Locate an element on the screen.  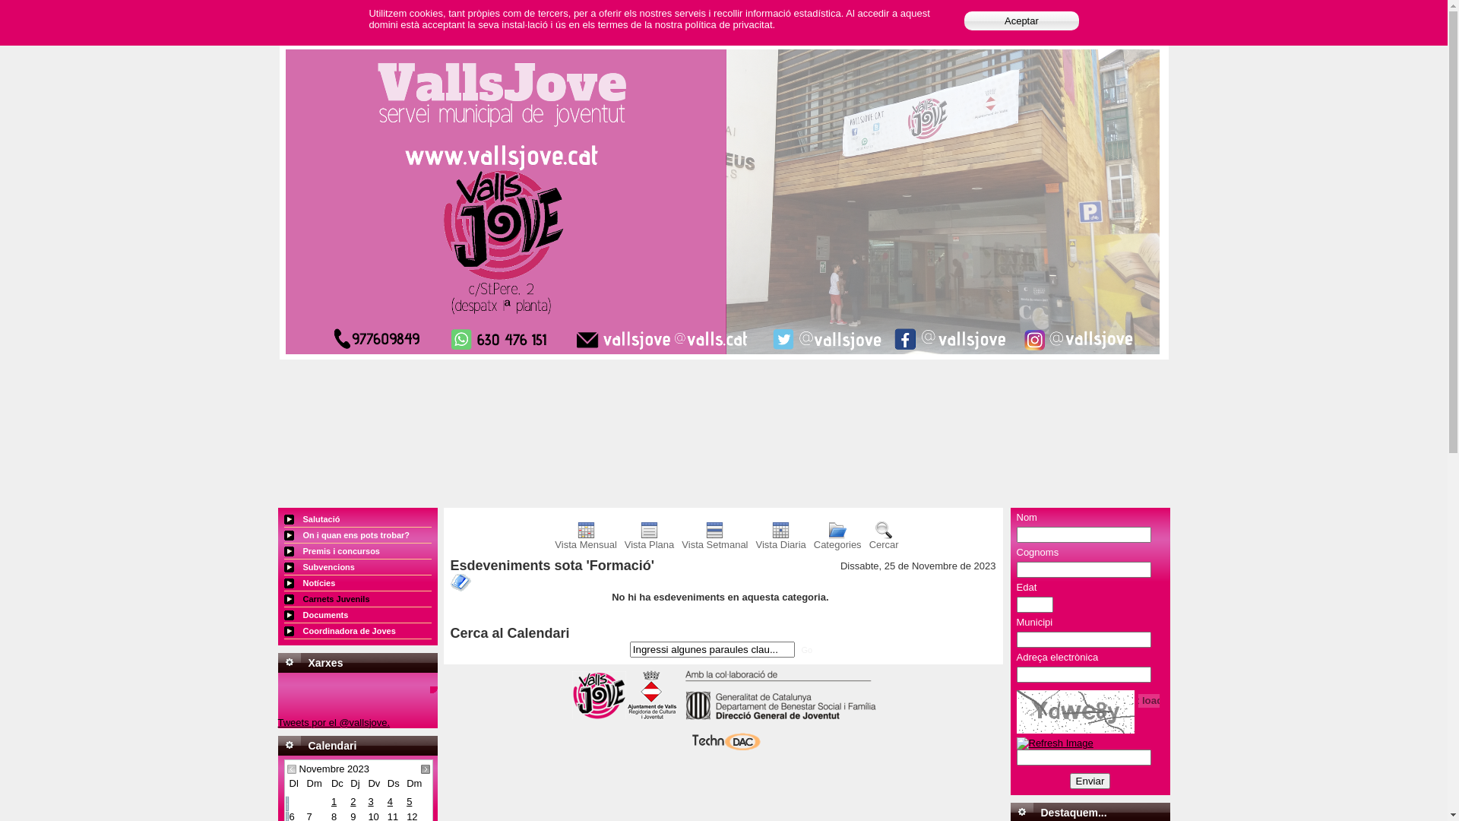
'1' is located at coordinates (331, 800).